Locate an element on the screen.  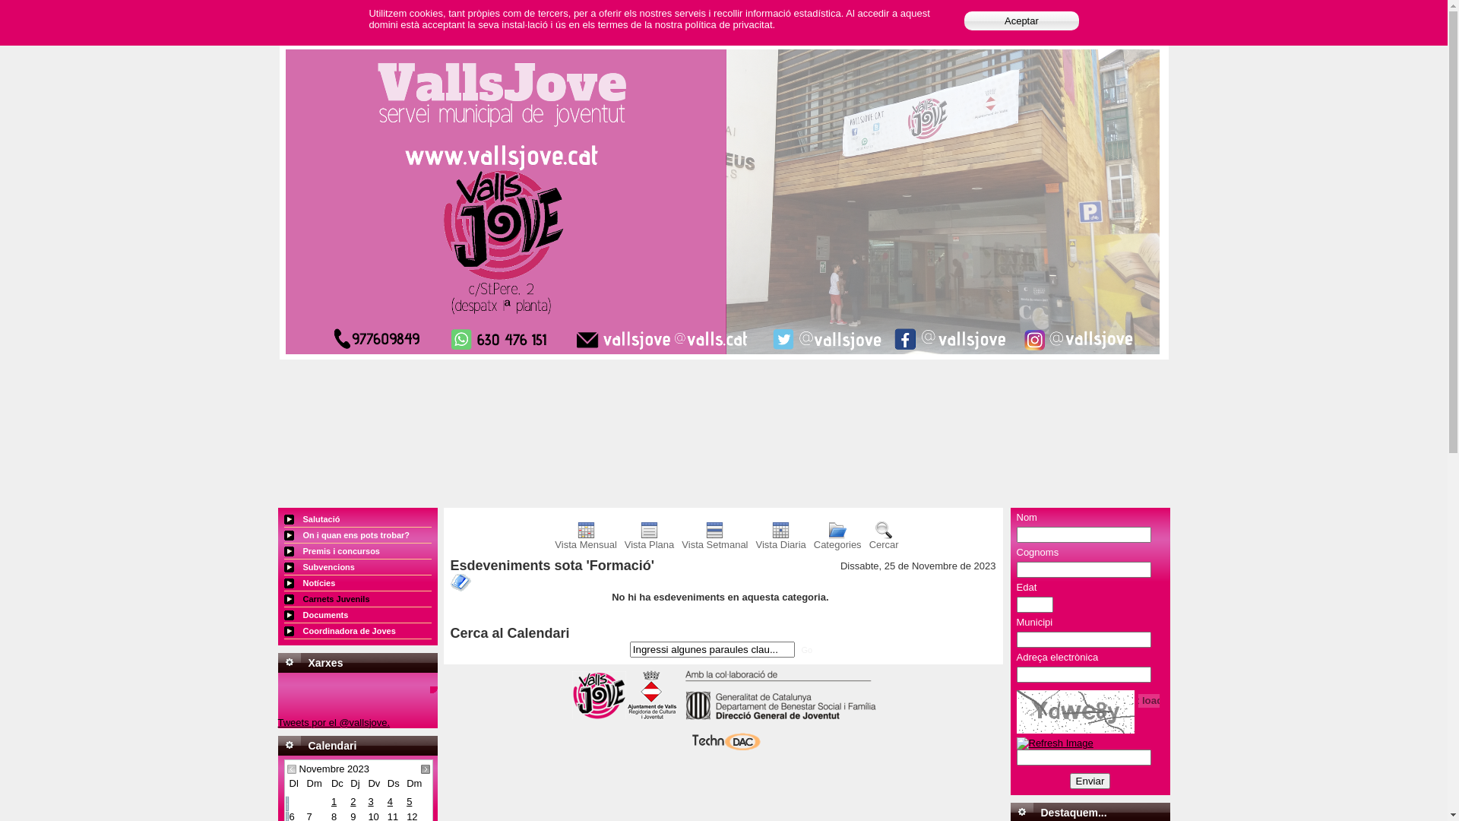
'1' is located at coordinates (331, 800).